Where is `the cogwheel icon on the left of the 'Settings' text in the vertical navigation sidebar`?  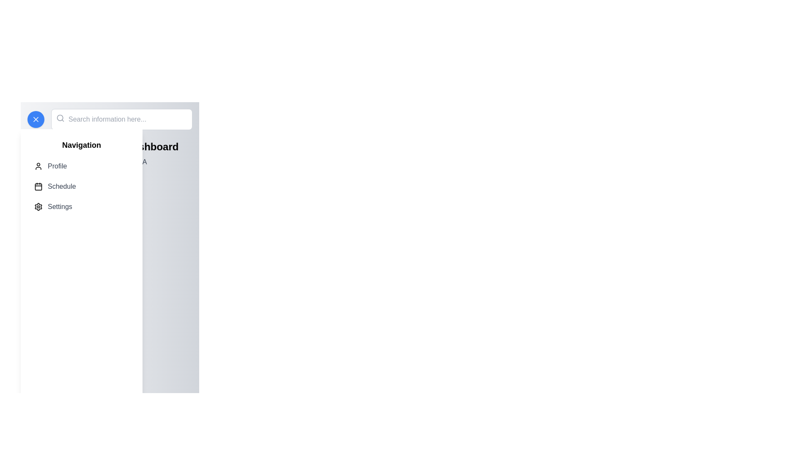 the cogwheel icon on the left of the 'Settings' text in the vertical navigation sidebar is located at coordinates (38, 206).